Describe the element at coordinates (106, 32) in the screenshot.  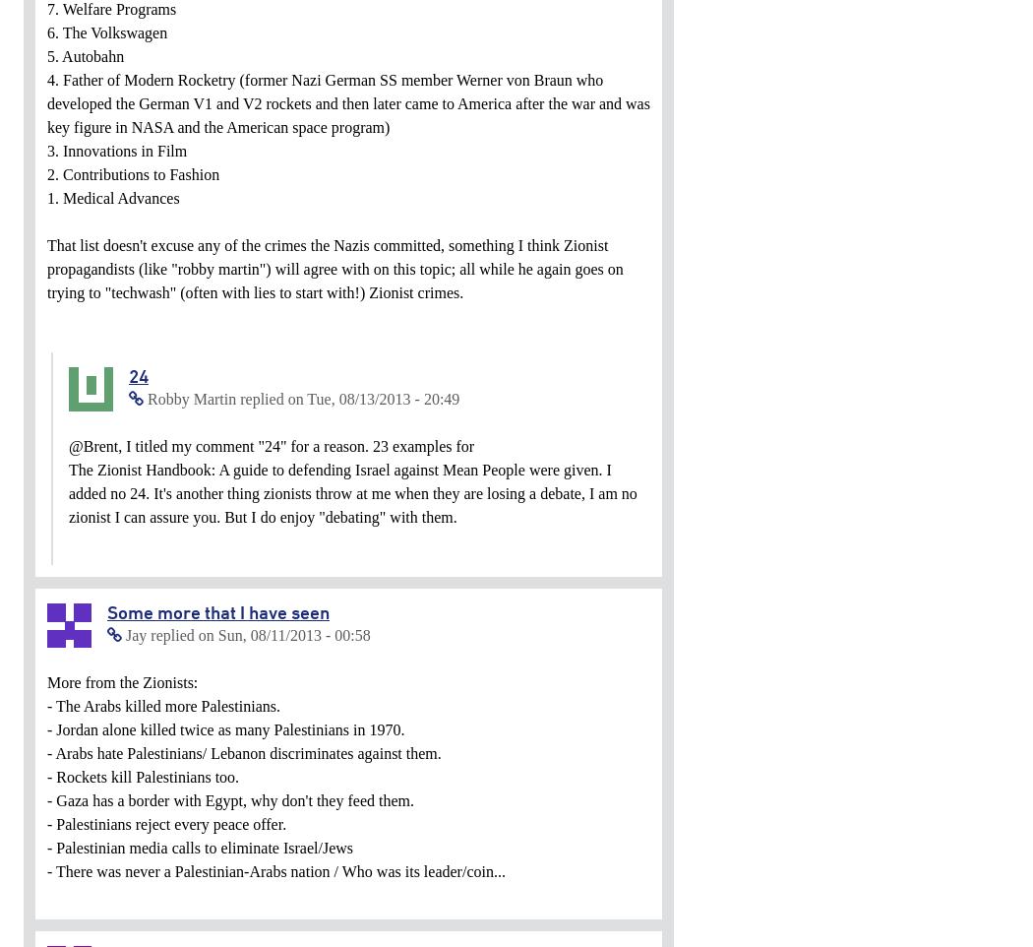
I see `'6. The Volkswagen'` at that location.